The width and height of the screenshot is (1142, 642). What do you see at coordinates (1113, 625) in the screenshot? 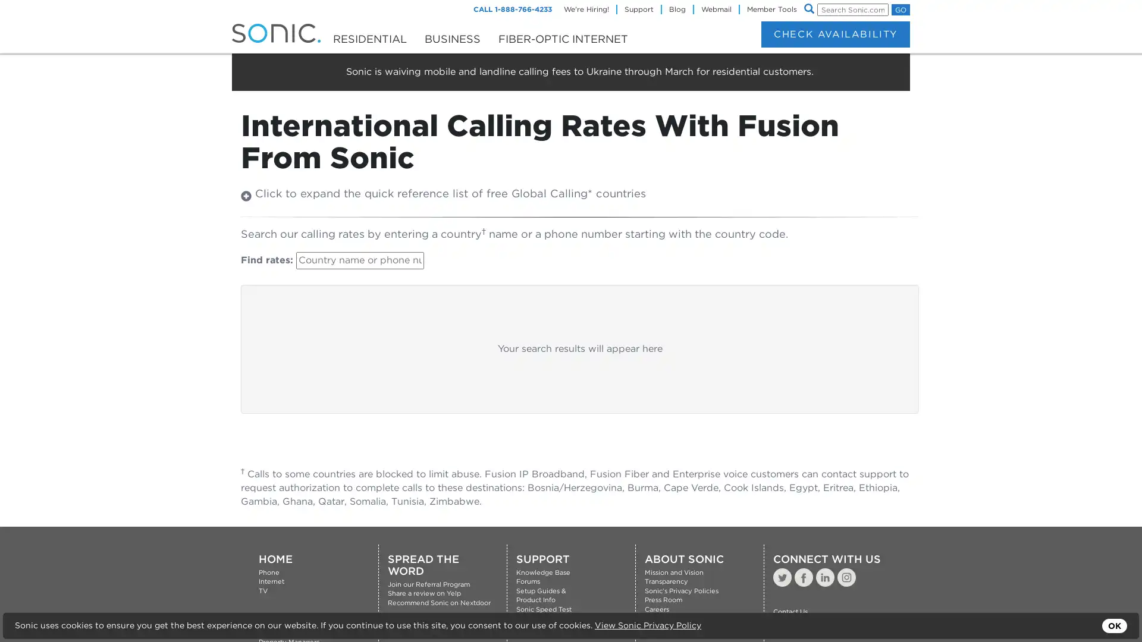
I see `OK` at bounding box center [1113, 625].